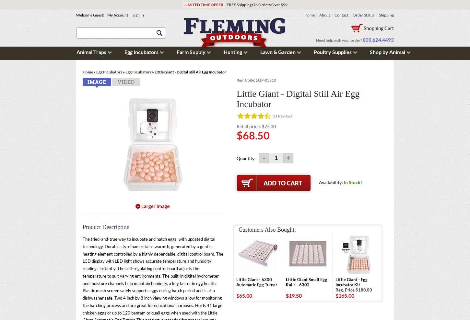 The width and height of the screenshot is (470, 320). Describe the element at coordinates (246, 158) in the screenshot. I see `'Quantity:'` at that location.